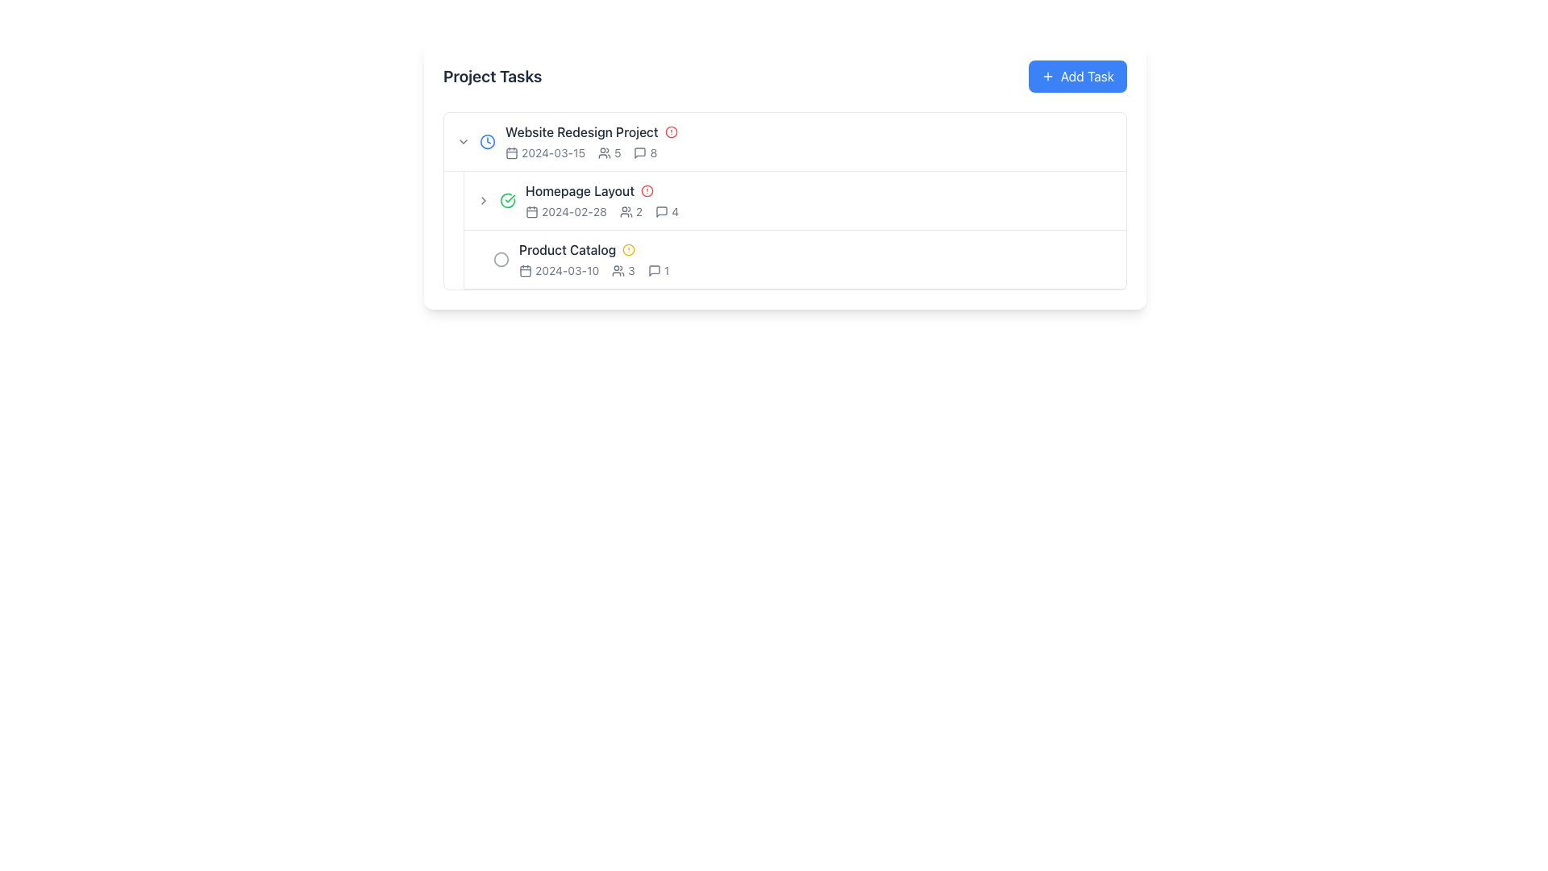 The height and width of the screenshot is (871, 1548). What do you see at coordinates (553, 152) in the screenshot?
I see `the static text element displaying the date '2024-03-15', which is positioned to the right of the calendar icon in the 'Website Redesign Project' task list` at bounding box center [553, 152].